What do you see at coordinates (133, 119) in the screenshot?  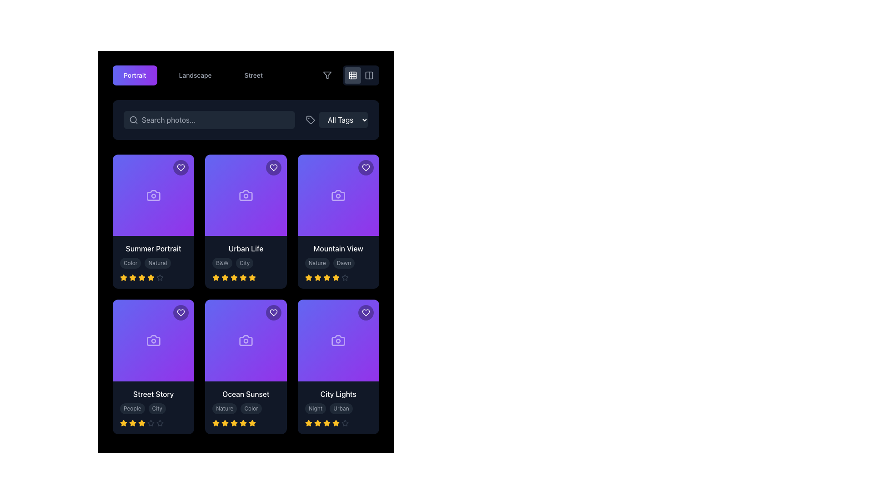 I see `the magnifying glass icon located within the search bar, positioned at the top-left quadrant of the interface` at bounding box center [133, 119].